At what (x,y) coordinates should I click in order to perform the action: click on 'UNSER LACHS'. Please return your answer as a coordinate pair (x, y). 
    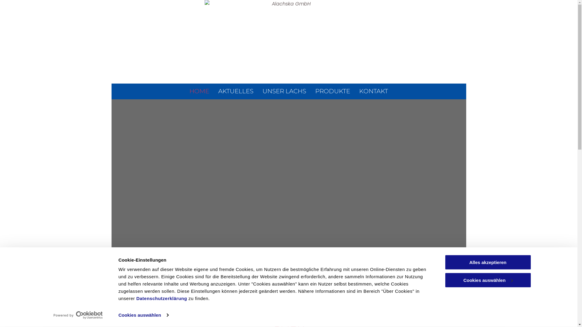
    Looking at the image, I should click on (284, 91).